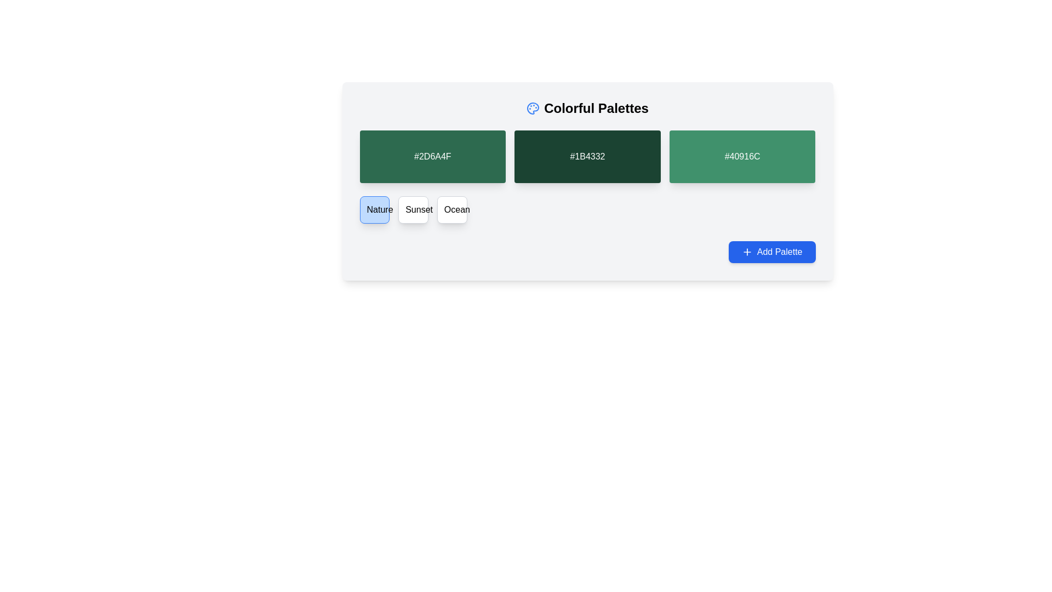 This screenshot has height=592, width=1052. I want to click on the color swatch tile labeled '#40916C' within the 'Colorful Palettes' section, so click(742, 156).